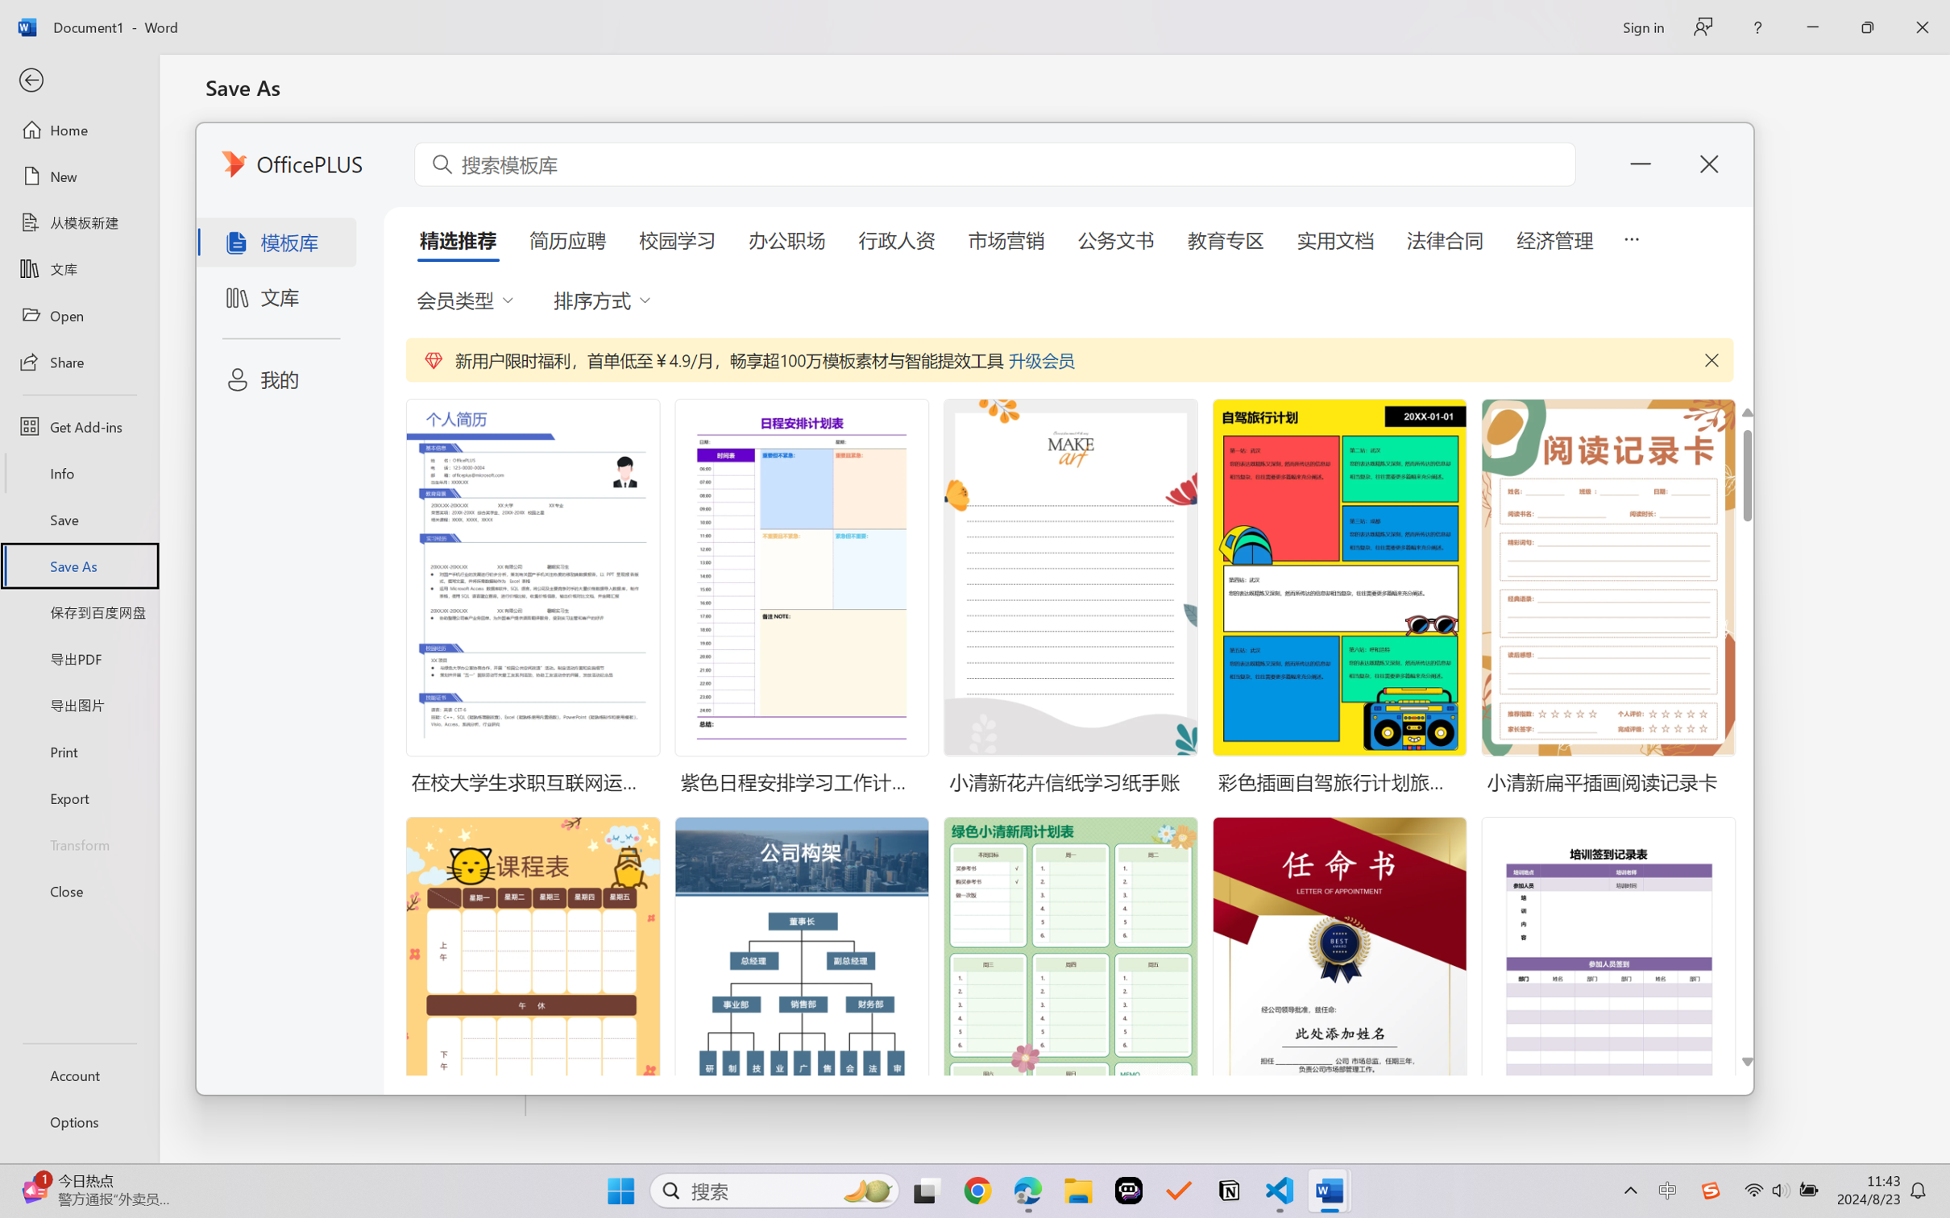  Describe the element at coordinates (78, 1075) in the screenshot. I see `'Account'` at that location.